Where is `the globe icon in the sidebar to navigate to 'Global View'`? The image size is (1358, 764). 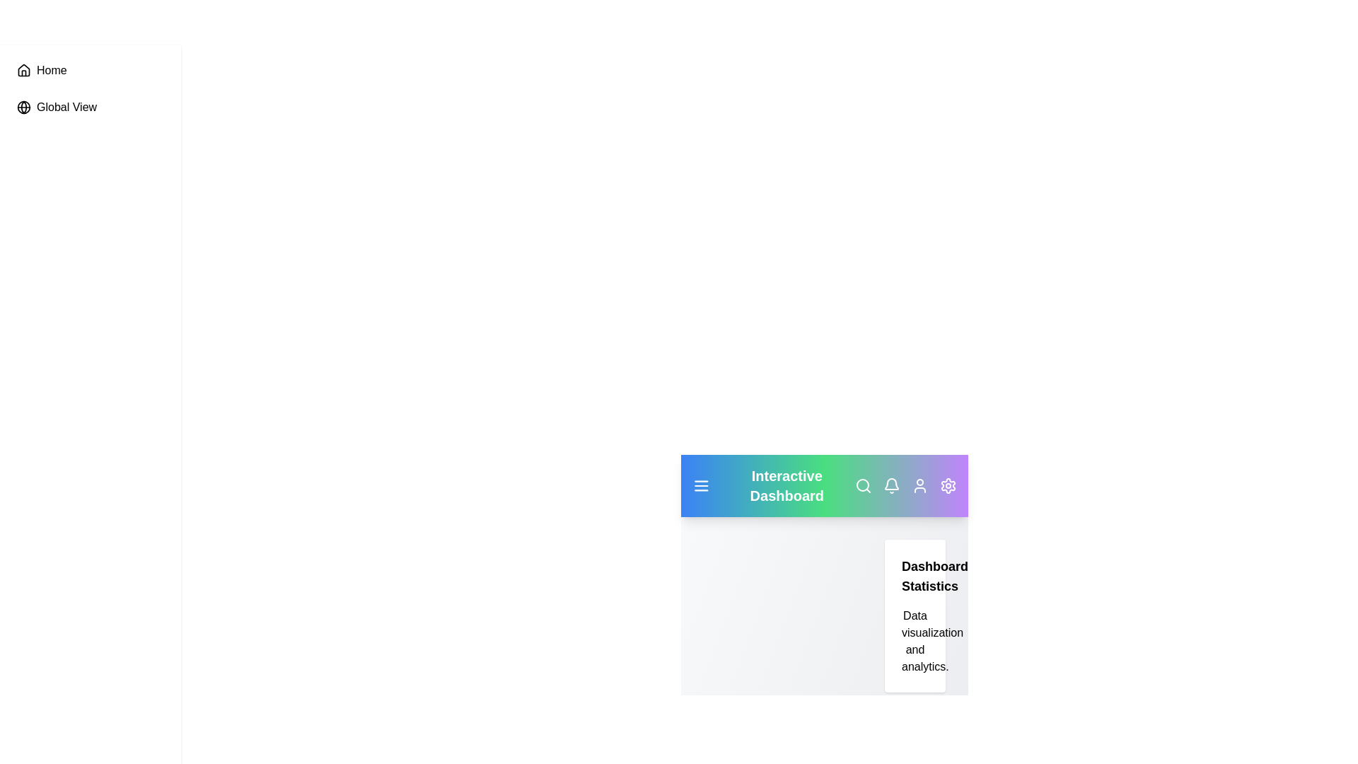 the globe icon in the sidebar to navigate to 'Global View' is located at coordinates (23, 106).